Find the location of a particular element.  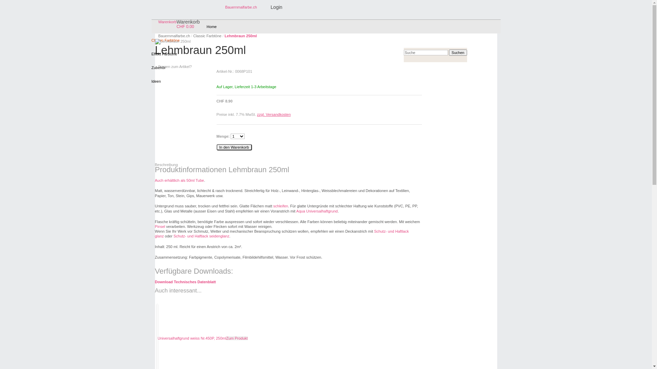

'Bauernmalfarbe.ch' is located at coordinates (241, 7).